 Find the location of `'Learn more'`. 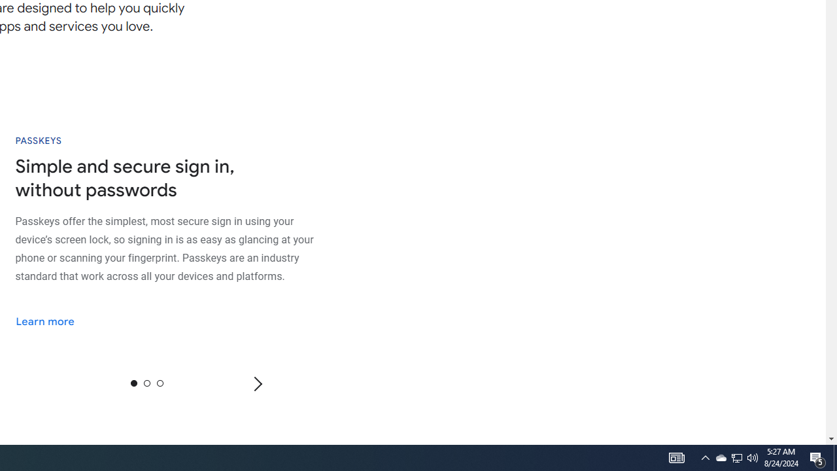

'Learn more' is located at coordinates (53, 321).